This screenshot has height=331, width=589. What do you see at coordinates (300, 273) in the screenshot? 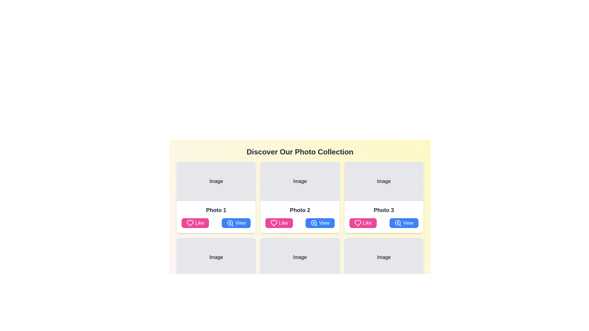
I see `the card element with a grey background and centered text 'Image' located in the second row, first column of the grid layout under the header 'Discover Our Photo Collection'` at bounding box center [300, 273].